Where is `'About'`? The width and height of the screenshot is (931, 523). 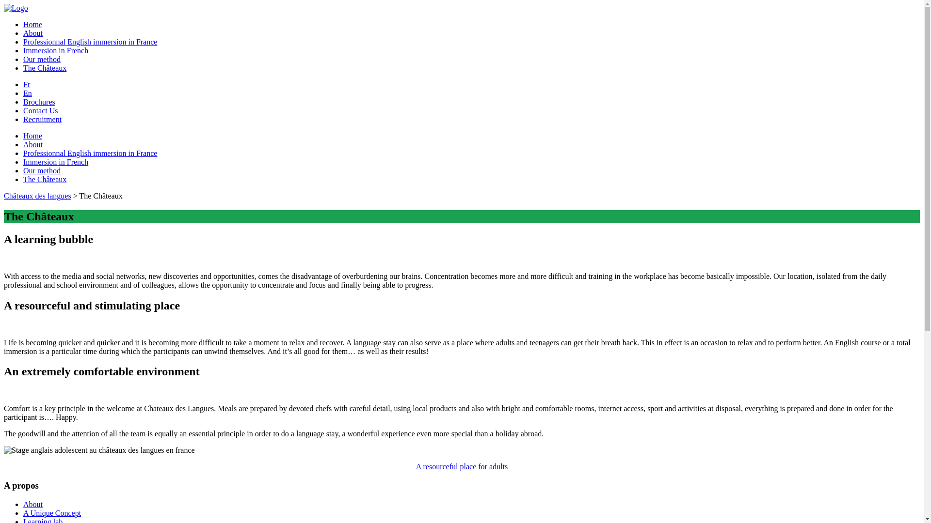
'About' is located at coordinates (23, 504).